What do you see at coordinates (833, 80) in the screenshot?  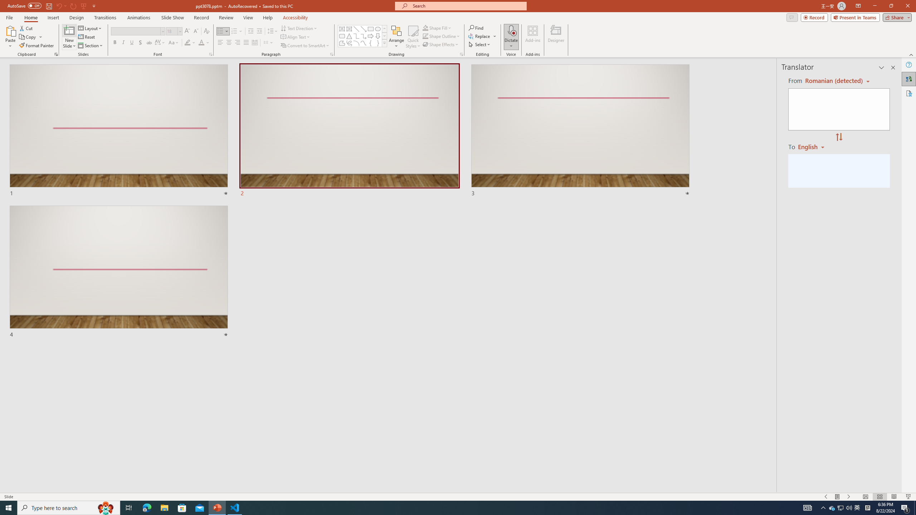 I see `'Czech (detected)'` at bounding box center [833, 80].